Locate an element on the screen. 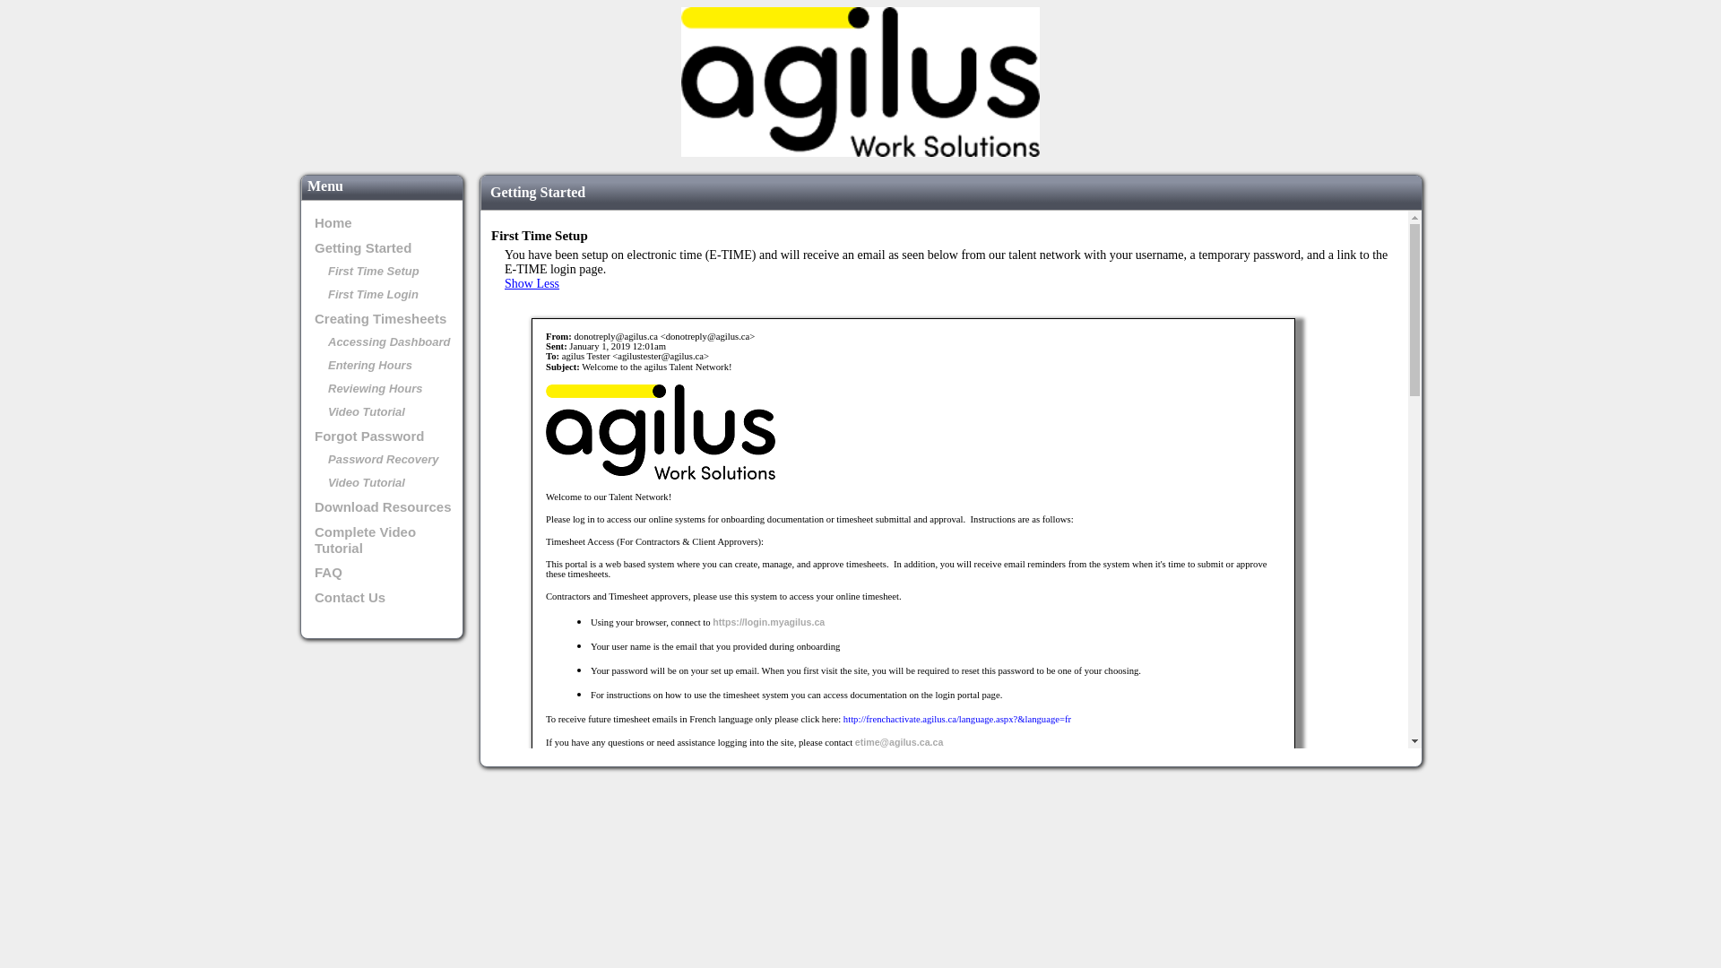 This screenshot has width=1721, height=968. 'Reviewing Hours' is located at coordinates (327, 387).